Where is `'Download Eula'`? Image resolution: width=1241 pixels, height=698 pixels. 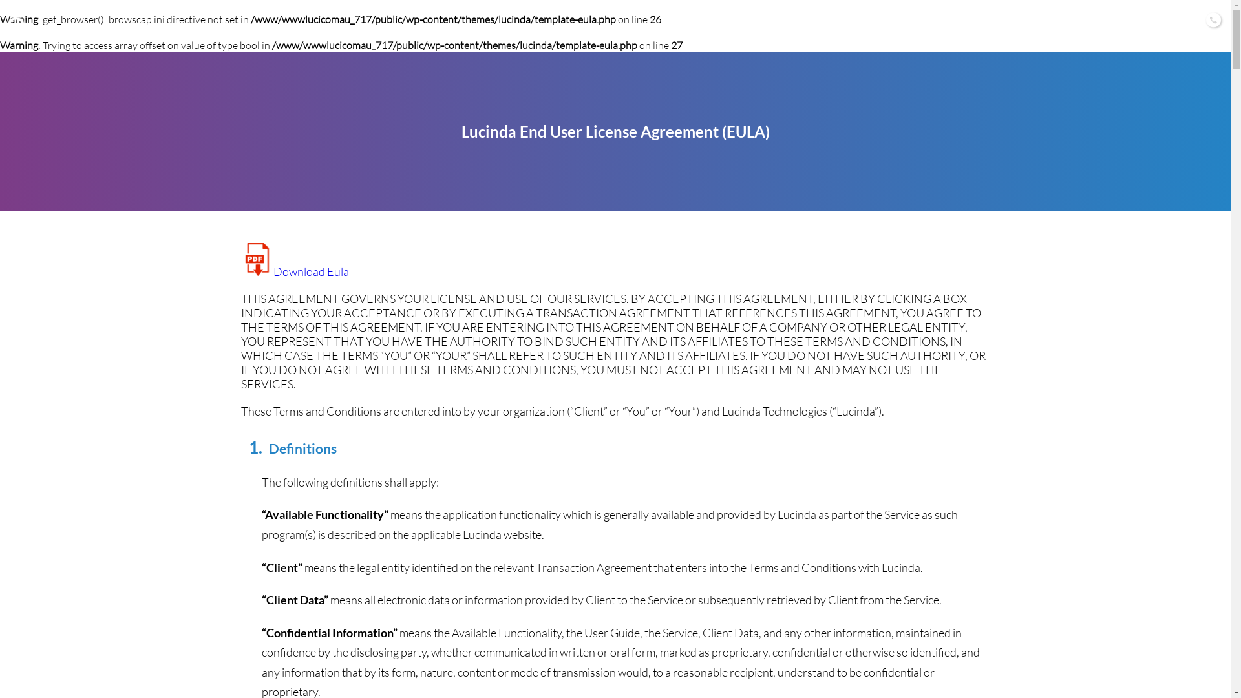
'Download Eula' is located at coordinates (293, 271).